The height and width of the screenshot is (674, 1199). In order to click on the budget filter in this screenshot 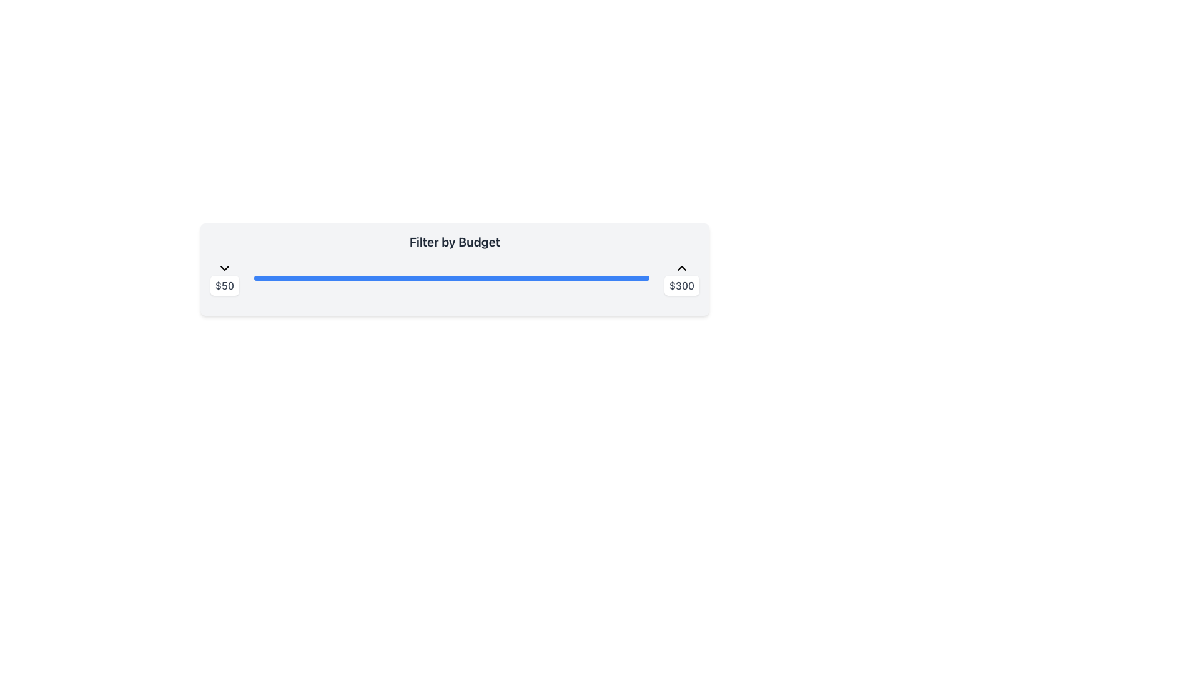, I will do `click(391, 278)`.